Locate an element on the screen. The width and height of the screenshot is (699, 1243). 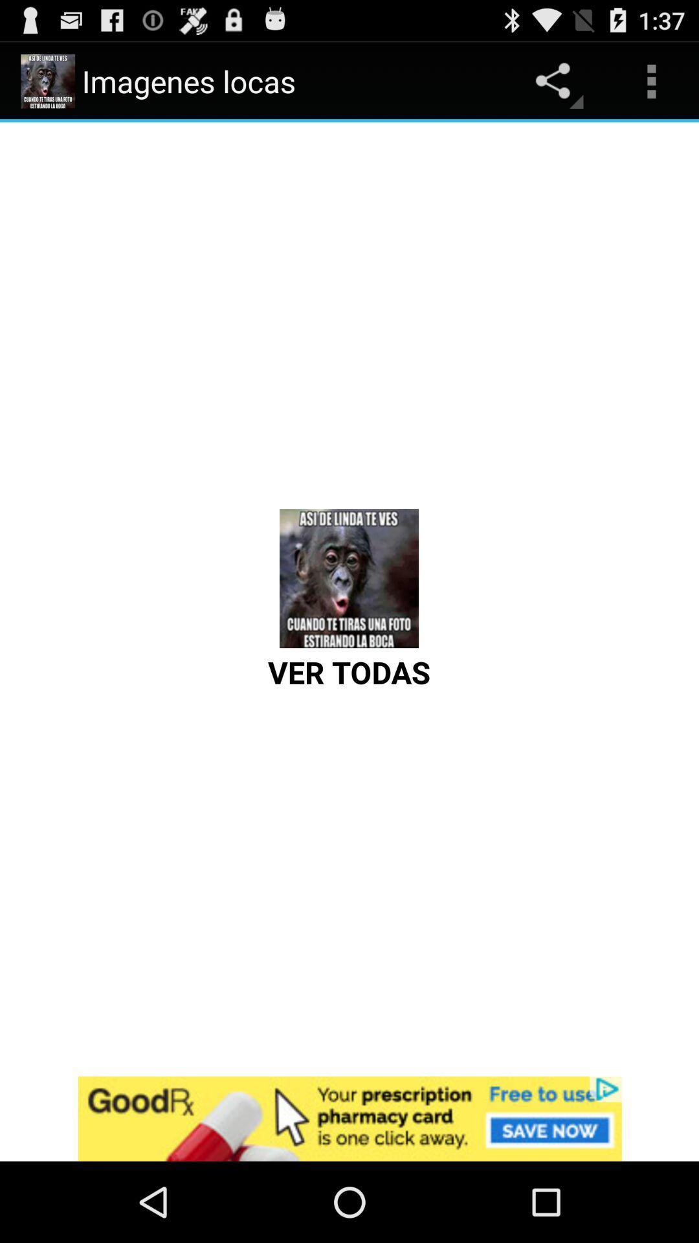
the addvertisement is located at coordinates (349, 1118).